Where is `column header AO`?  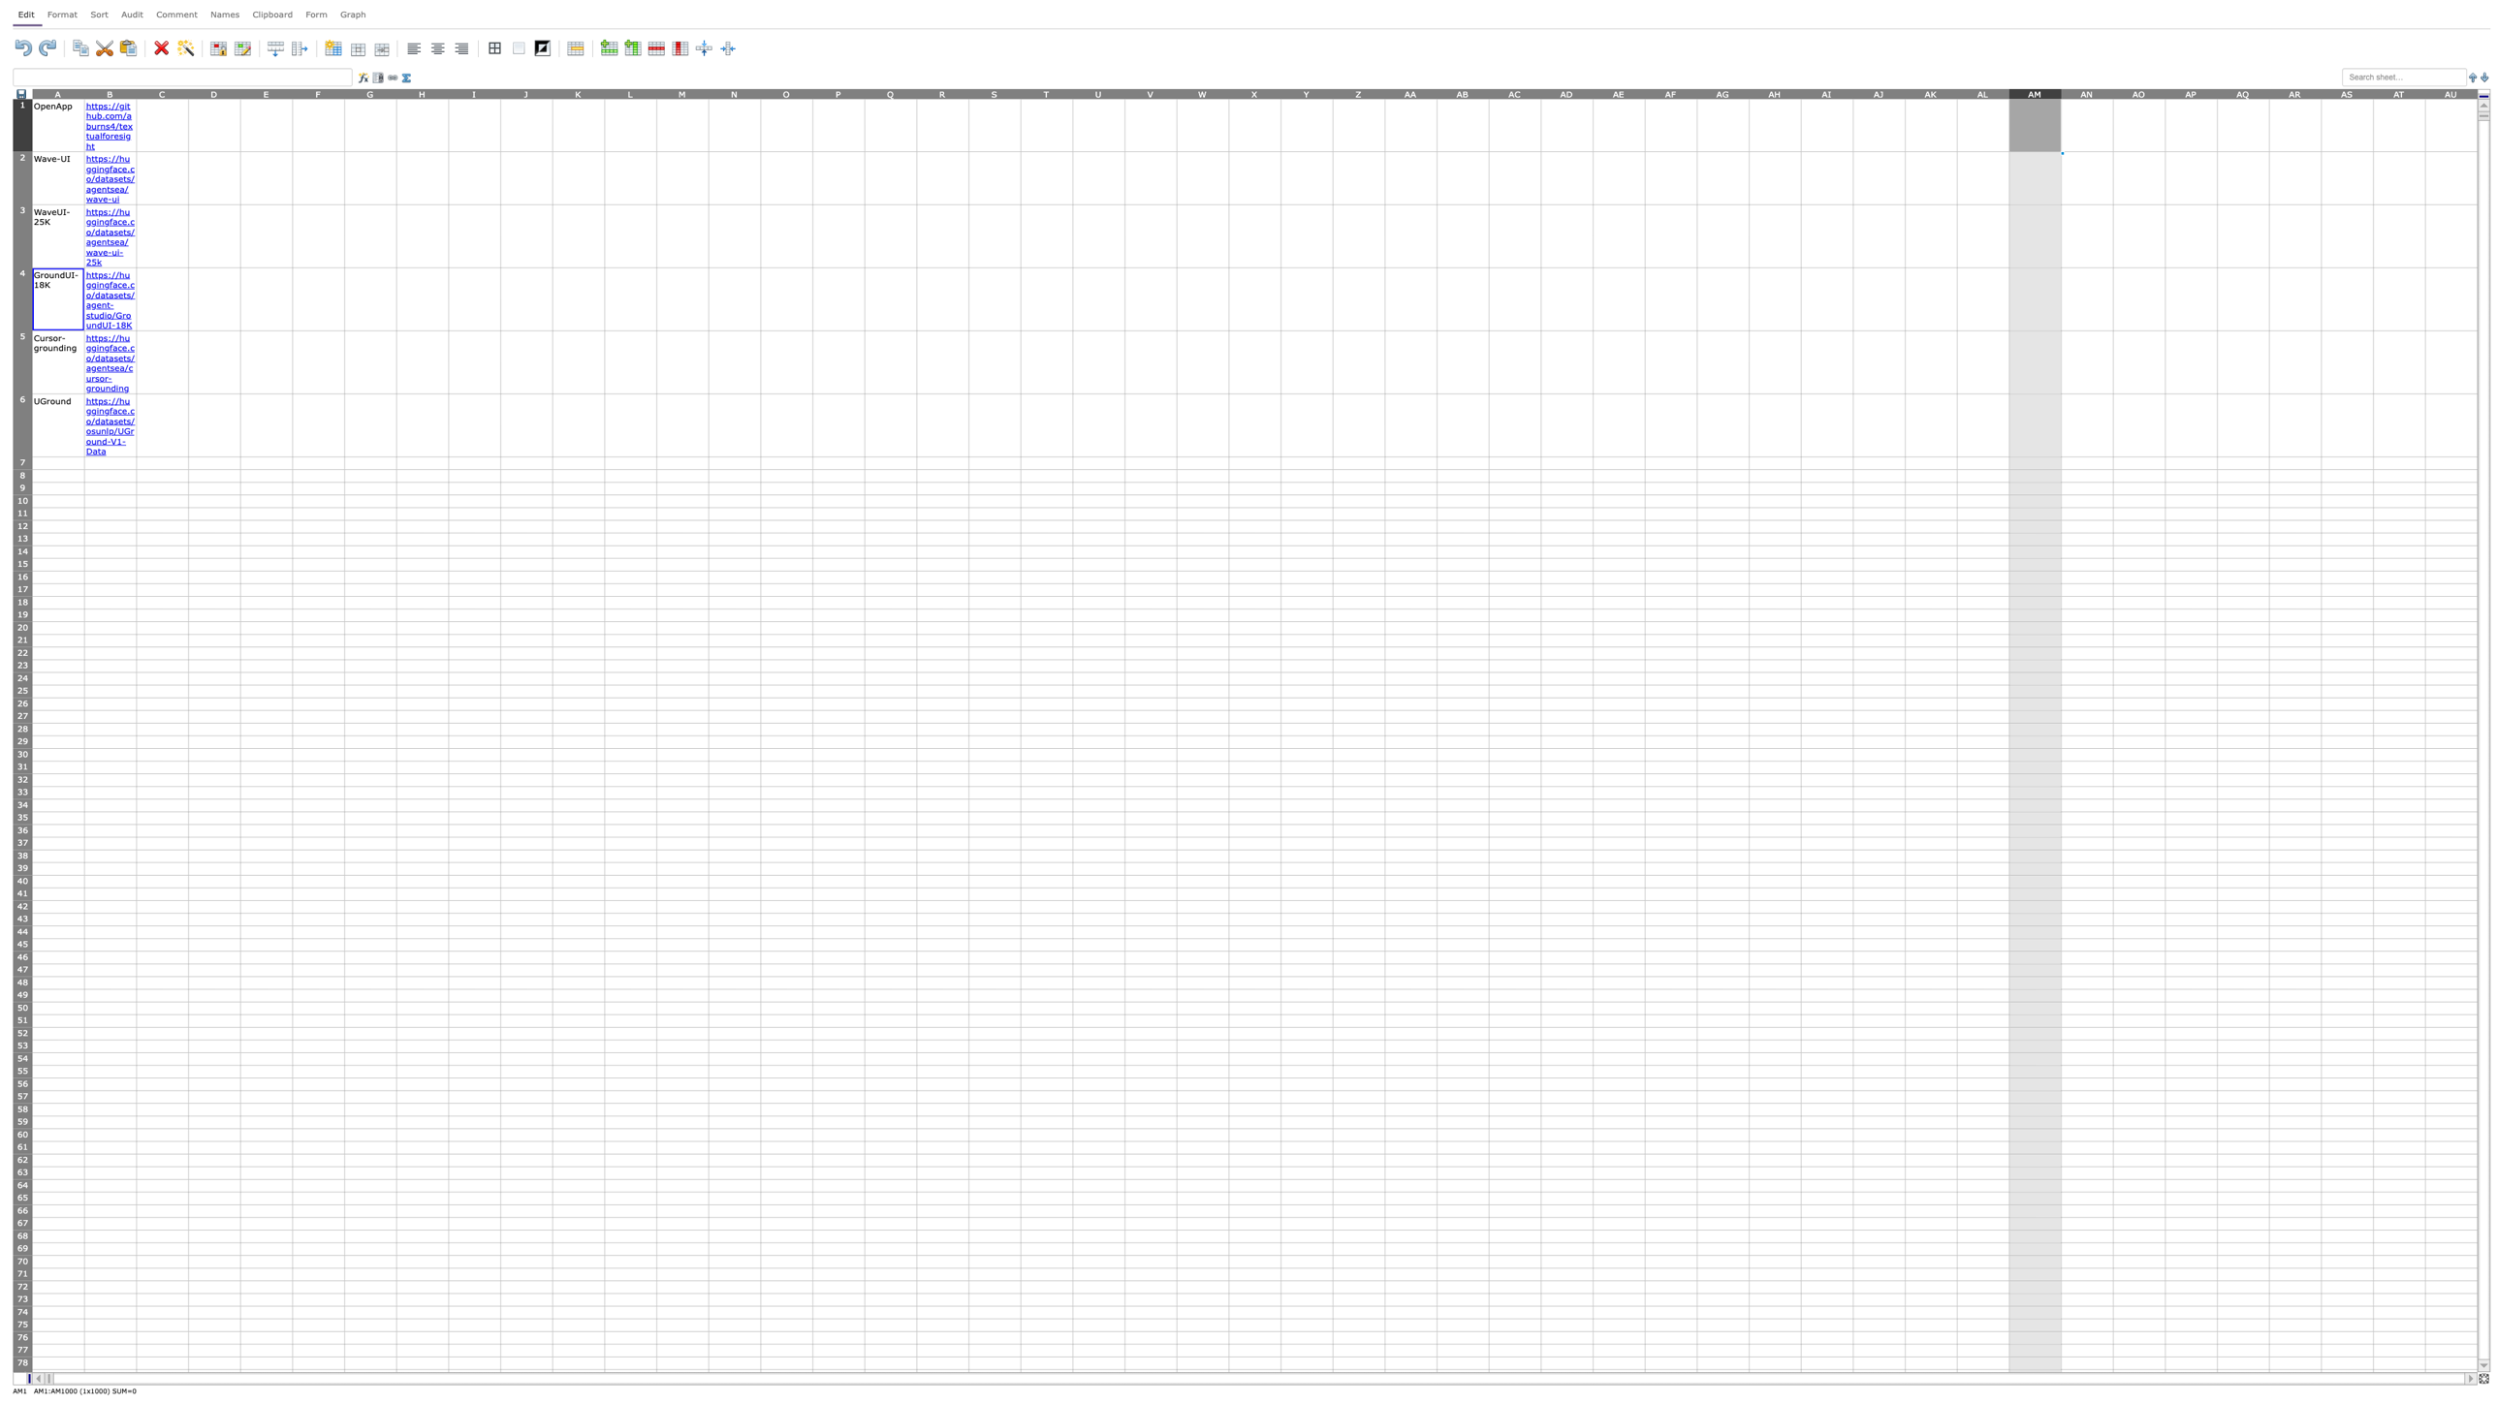 column header AO is located at coordinates (2138, 92).